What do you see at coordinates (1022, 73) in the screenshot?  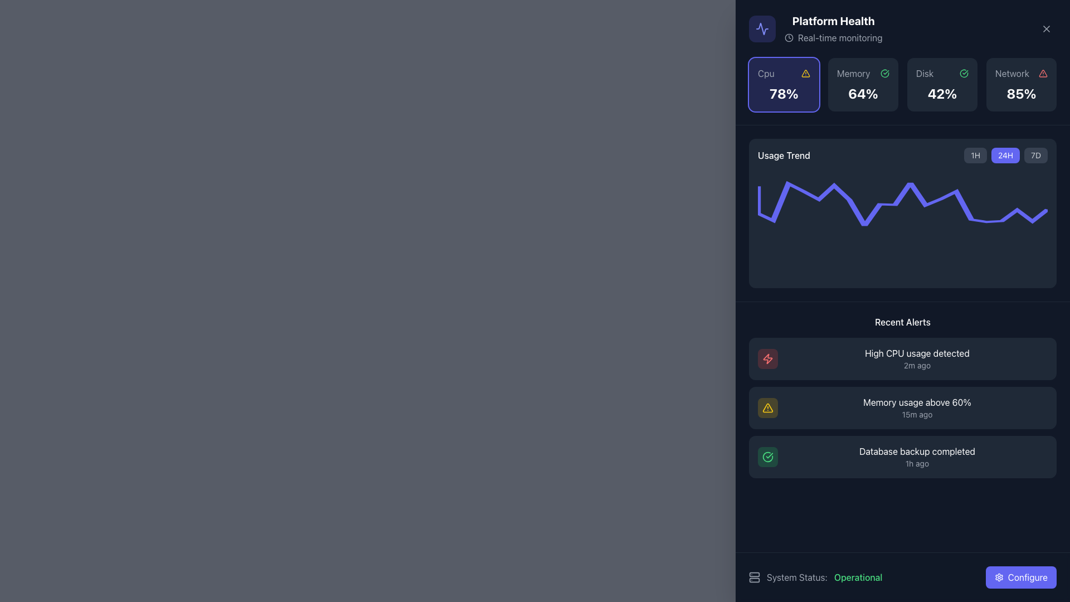 I see `the network status label with an alert icon located in the top-right area of the 'Platform Health' section` at bounding box center [1022, 73].